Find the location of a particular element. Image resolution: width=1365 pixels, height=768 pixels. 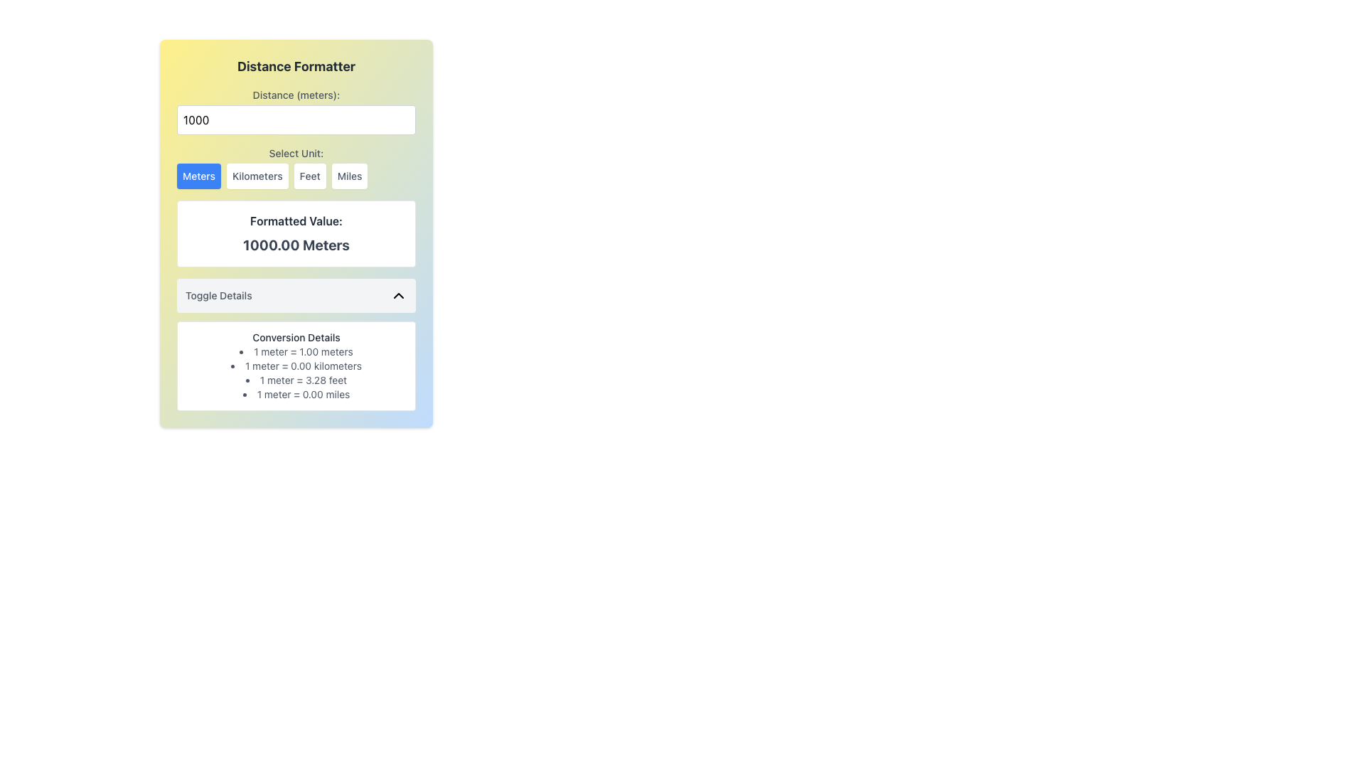

the 'Miles' button, which is the fourth button in a horizontal list of options including 'Meters', 'Kilometers', and 'Feet', to trigger the visual shadow effect is located at coordinates (350, 175).